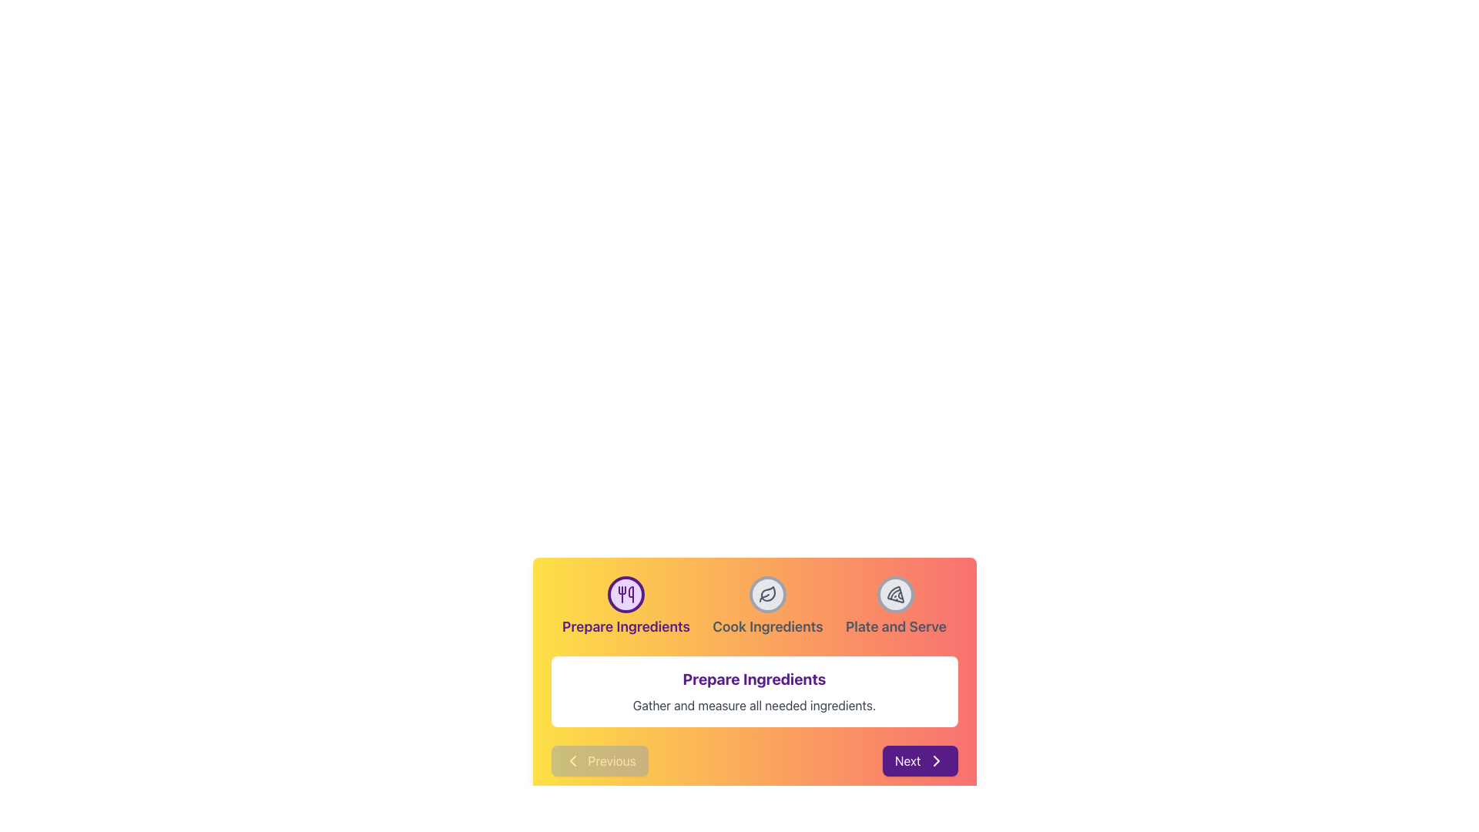  Describe the element at coordinates (626, 593) in the screenshot. I see `the Non-interactive status indicator icon, which is a fork and knife duo icon inside a circular purple outline, located at the top of the footer section above the 'Prepare Ingredients' label` at that location.